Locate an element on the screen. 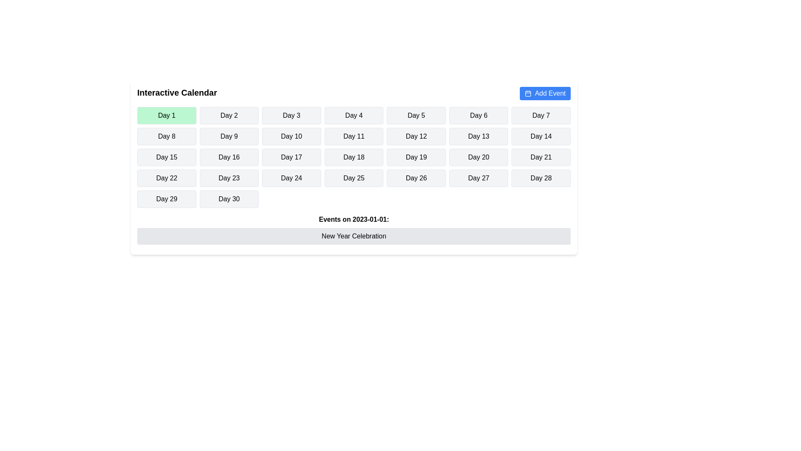 The image size is (801, 451). the rectangular button labeled 'Day 26' in the interactive calendar grid is located at coordinates (416, 178).